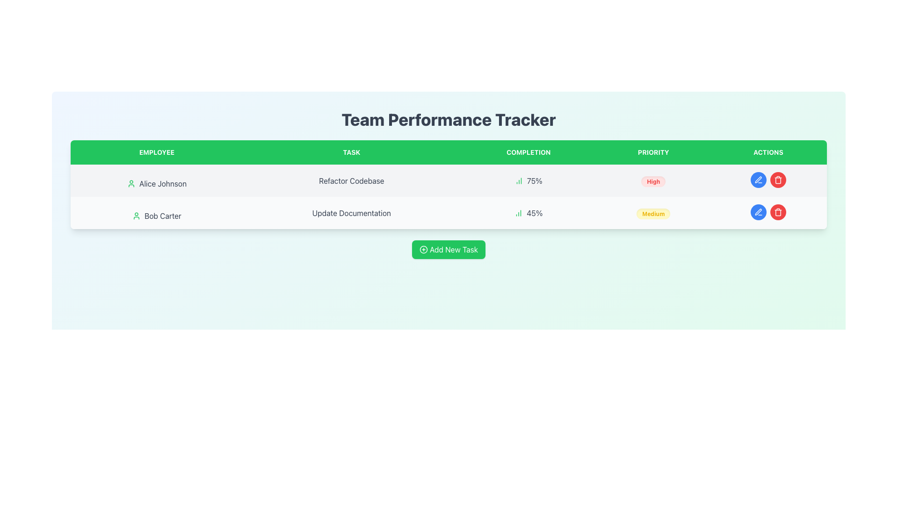 The height and width of the screenshot is (505, 898). What do you see at coordinates (778, 180) in the screenshot?
I see `the second circular 'Delete' button in the 'Actions' column of the second row in the table` at bounding box center [778, 180].